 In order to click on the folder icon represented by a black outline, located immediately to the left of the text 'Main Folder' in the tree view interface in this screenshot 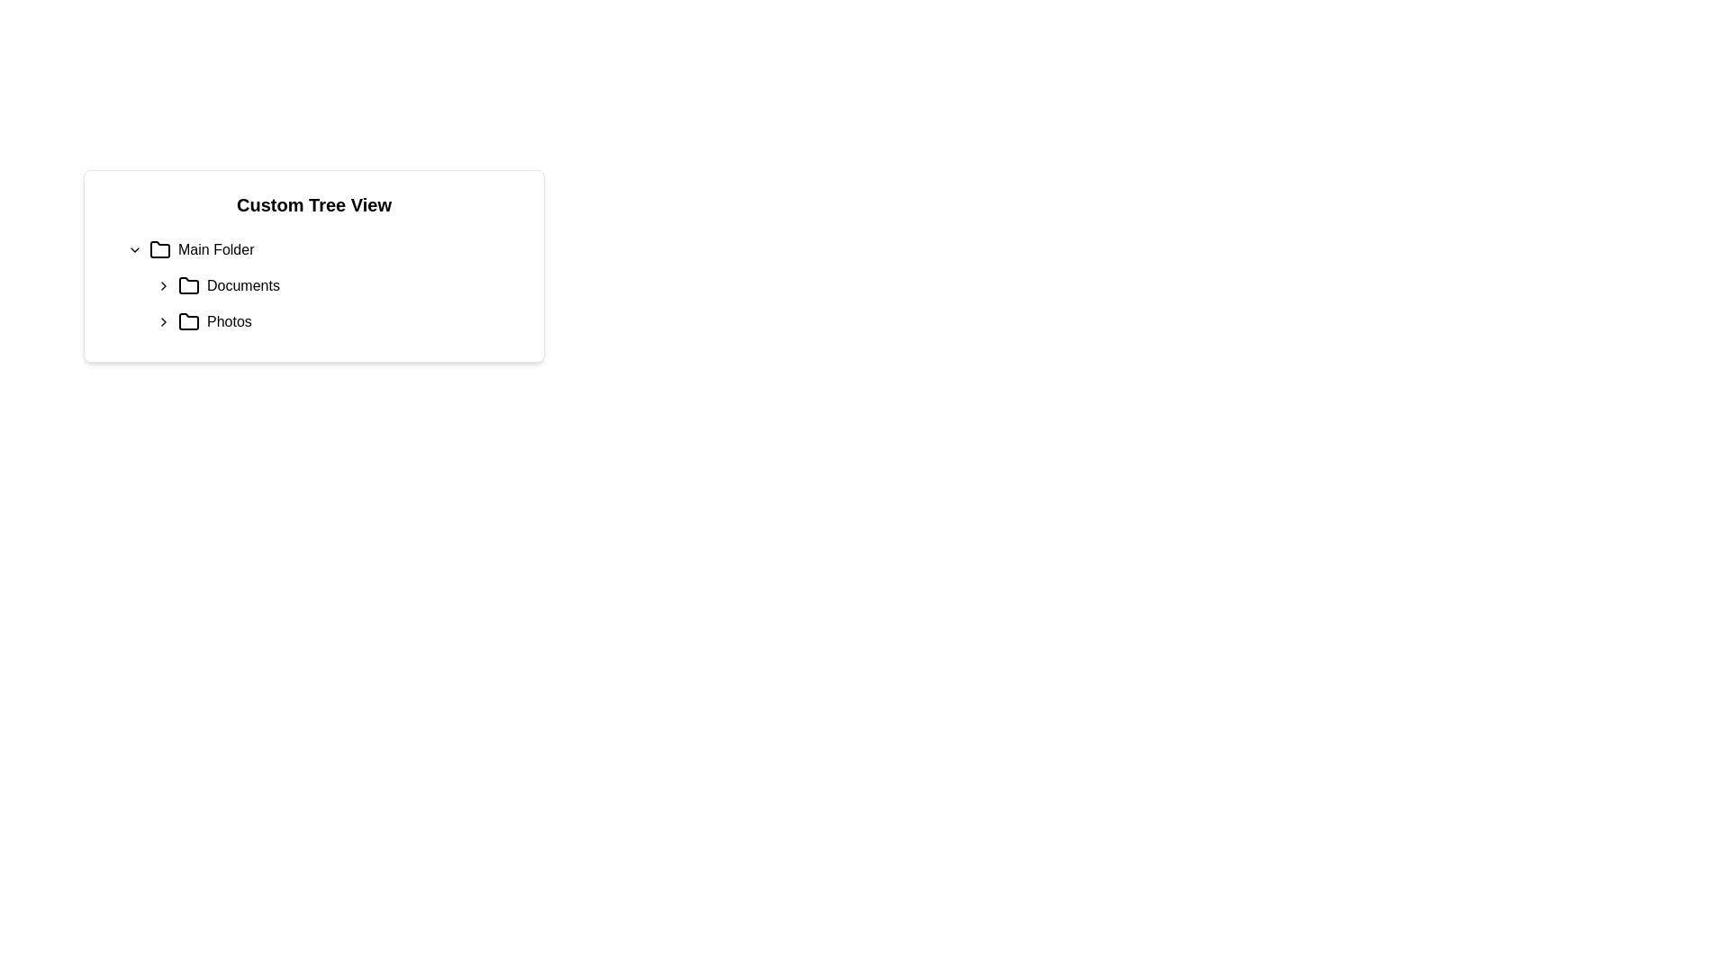, I will do `click(159, 249)`.